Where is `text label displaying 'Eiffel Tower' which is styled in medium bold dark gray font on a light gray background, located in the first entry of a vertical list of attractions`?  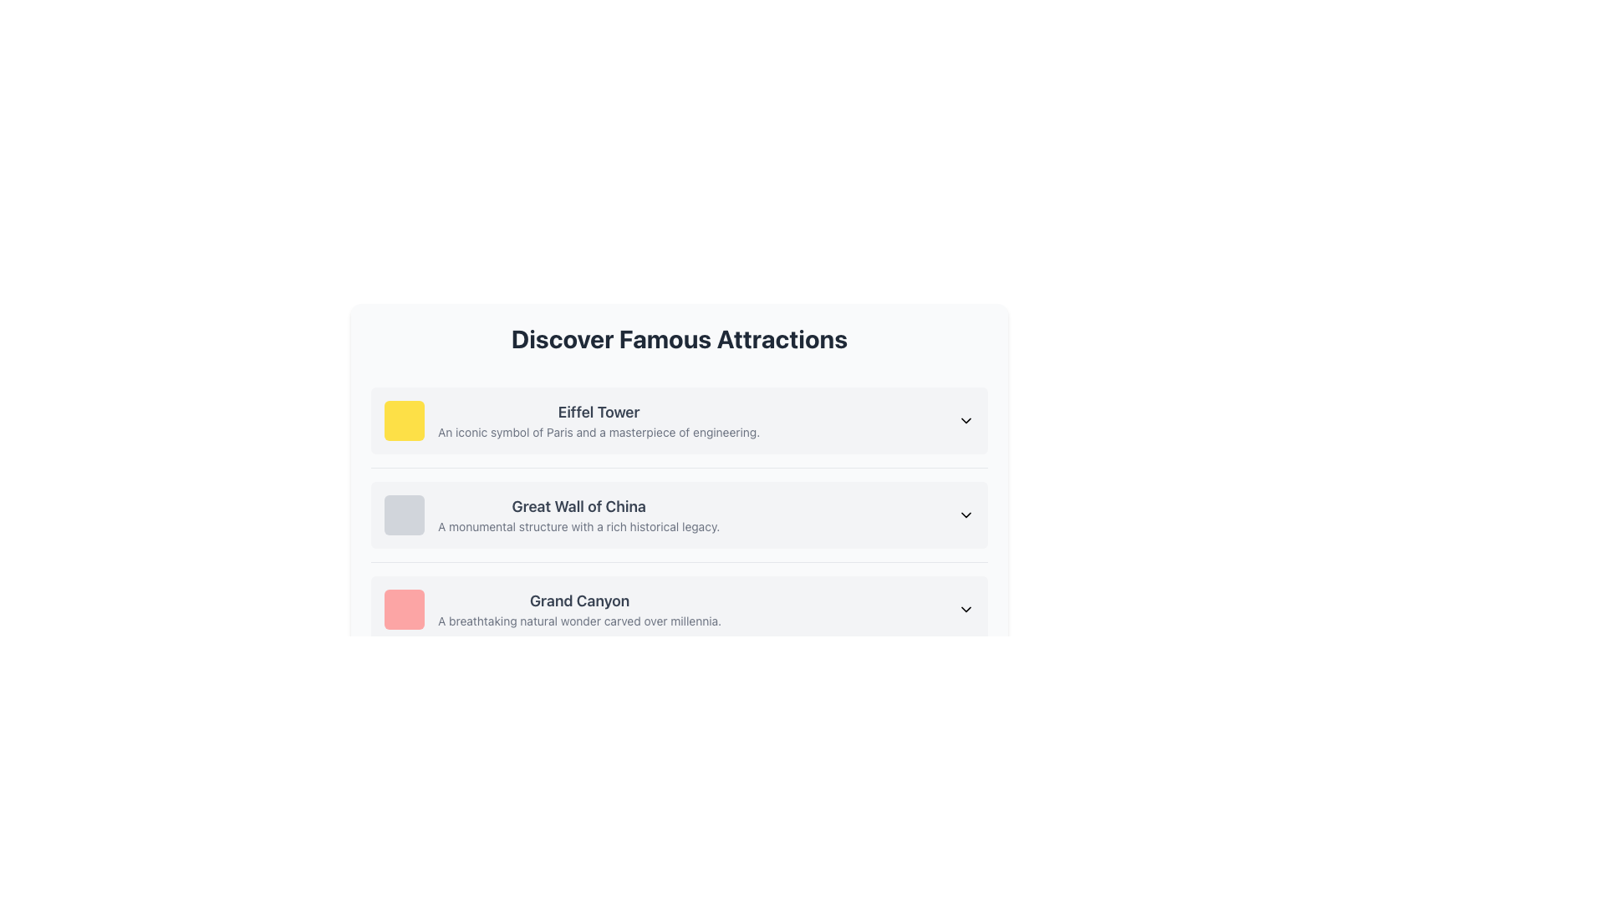
text label displaying 'Eiffel Tower' which is styled in medium bold dark gray font on a light gray background, located in the first entry of a vertical list of attractions is located at coordinates (599, 412).